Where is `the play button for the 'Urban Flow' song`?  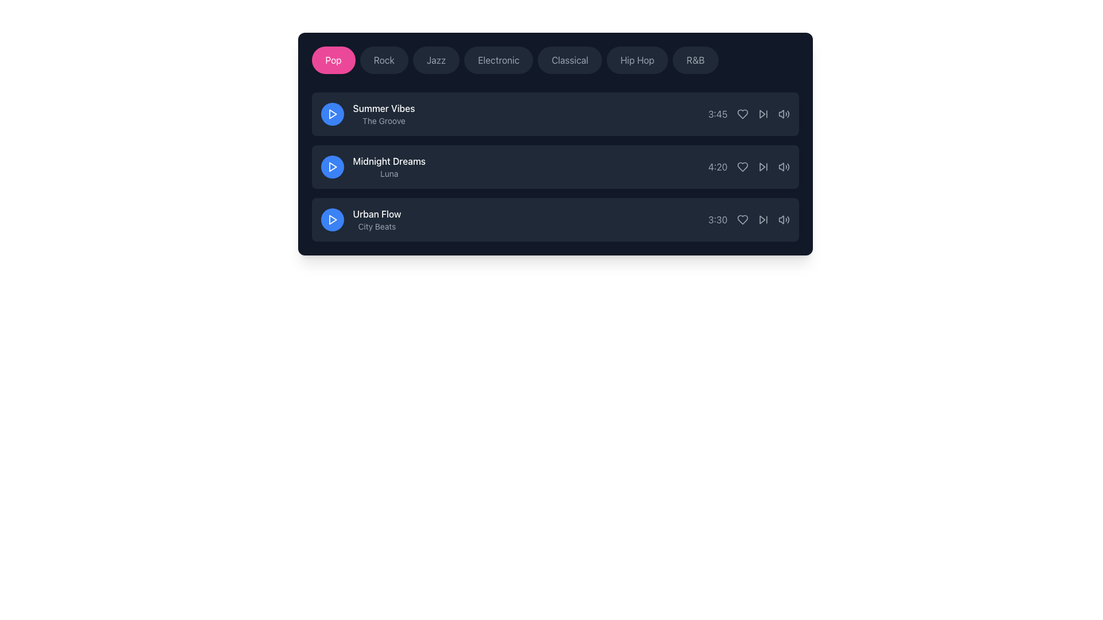 the play button for the 'Urban Flow' song is located at coordinates (331, 219).